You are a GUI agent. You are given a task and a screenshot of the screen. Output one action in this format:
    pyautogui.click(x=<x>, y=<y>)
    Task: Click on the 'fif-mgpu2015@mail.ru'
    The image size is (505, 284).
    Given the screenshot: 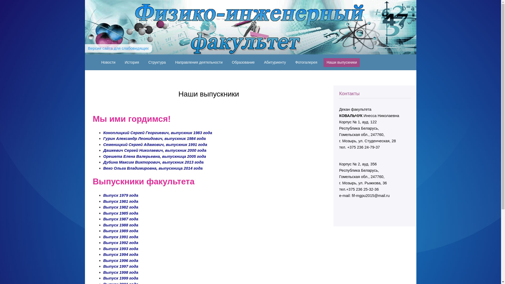 What is the action you would take?
    pyautogui.click(x=370, y=196)
    